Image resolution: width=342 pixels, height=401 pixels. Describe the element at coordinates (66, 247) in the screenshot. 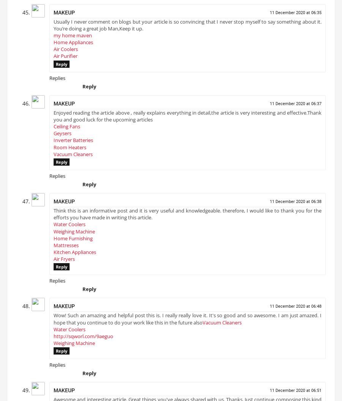

I see `'Mattresses'` at that location.